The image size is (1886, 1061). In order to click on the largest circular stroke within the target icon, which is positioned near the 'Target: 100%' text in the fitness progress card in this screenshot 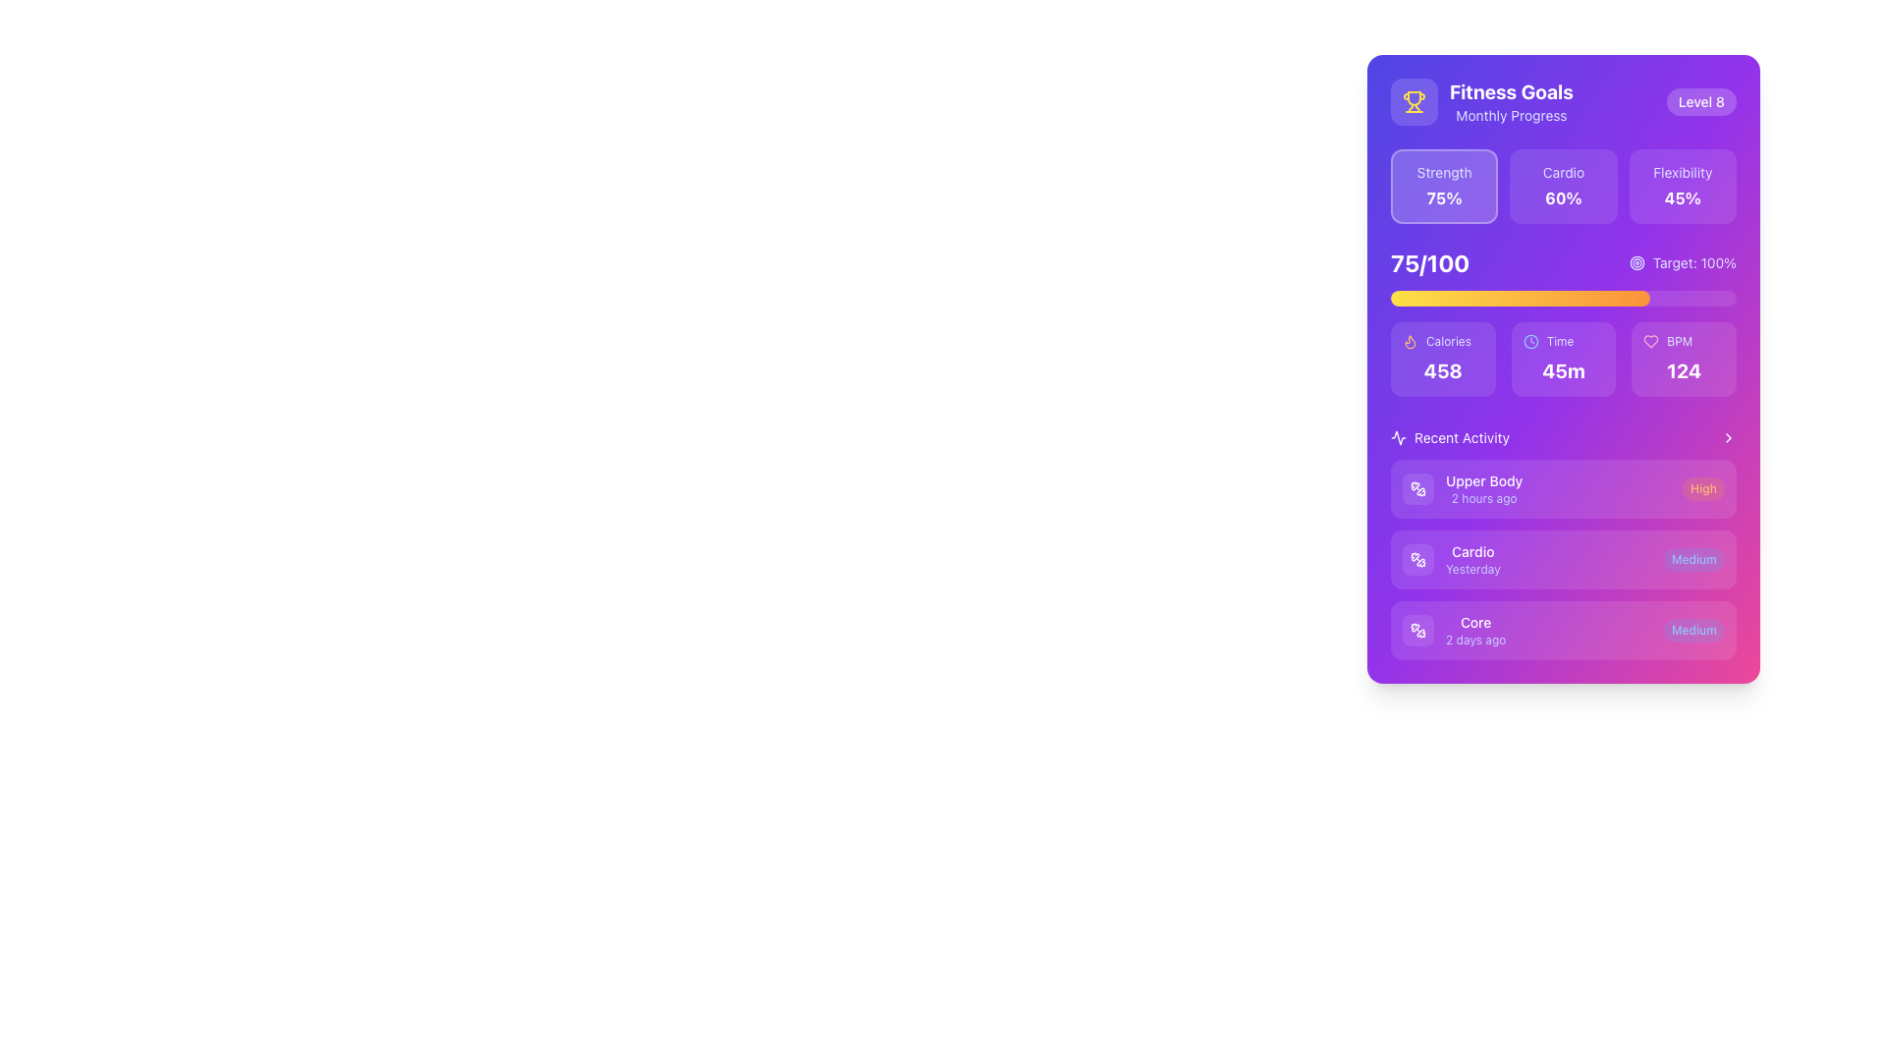, I will do `click(1636, 261)`.